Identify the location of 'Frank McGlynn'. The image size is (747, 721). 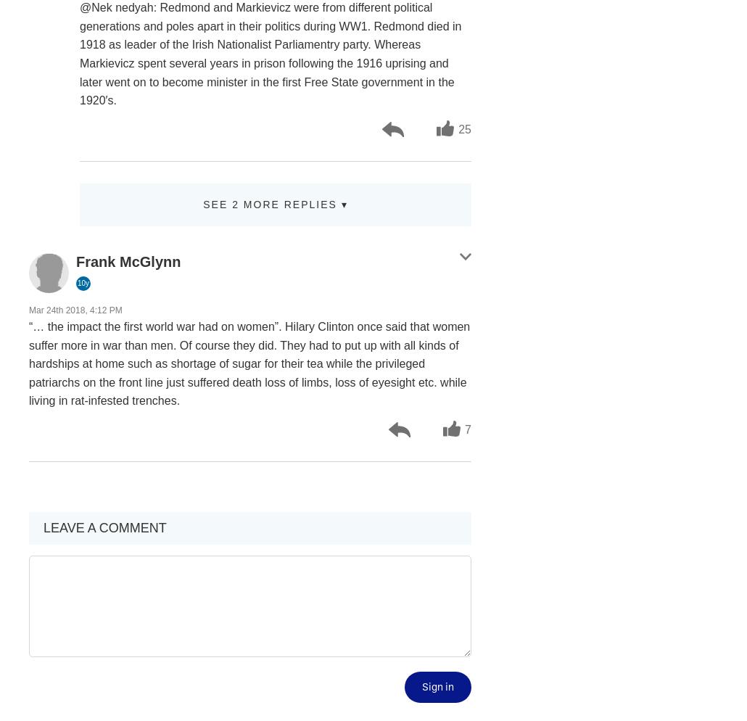
(128, 261).